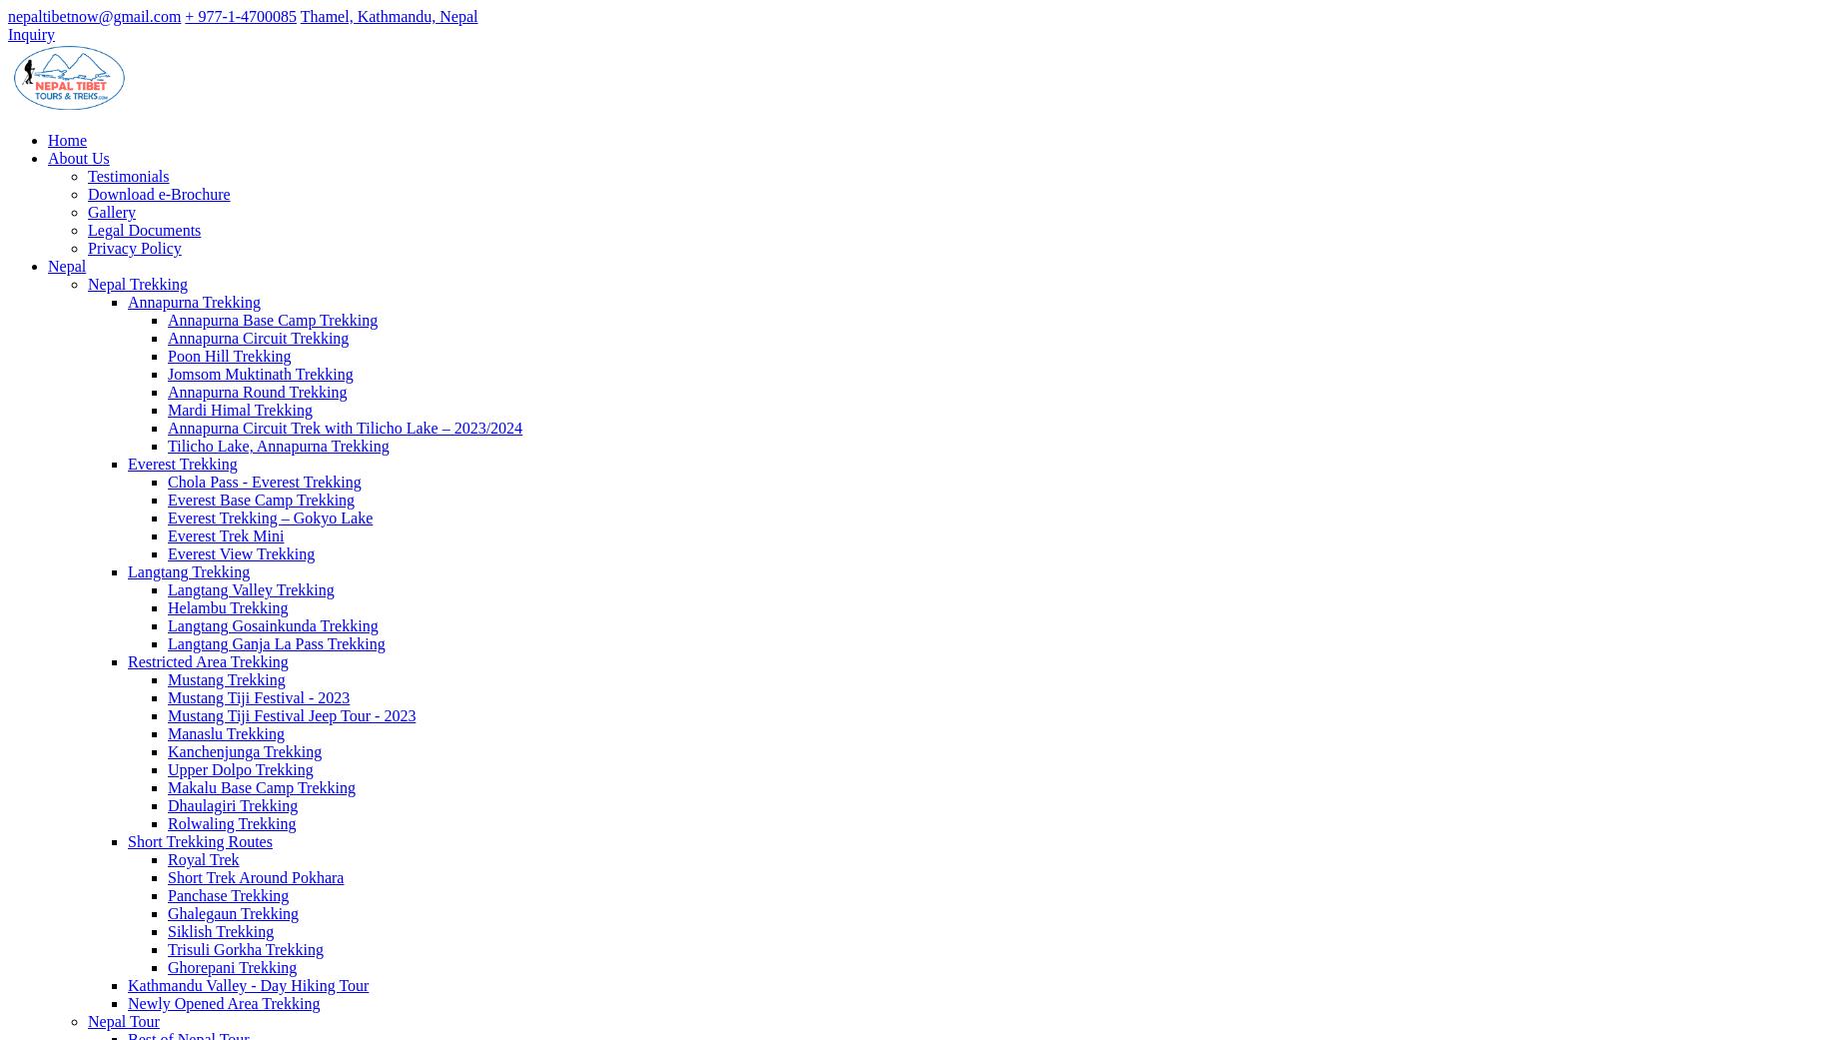 Image resolution: width=1848 pixels, height=1040 pixels. I want to click on 'Ghalegaun Trekking', so click(232, 912).